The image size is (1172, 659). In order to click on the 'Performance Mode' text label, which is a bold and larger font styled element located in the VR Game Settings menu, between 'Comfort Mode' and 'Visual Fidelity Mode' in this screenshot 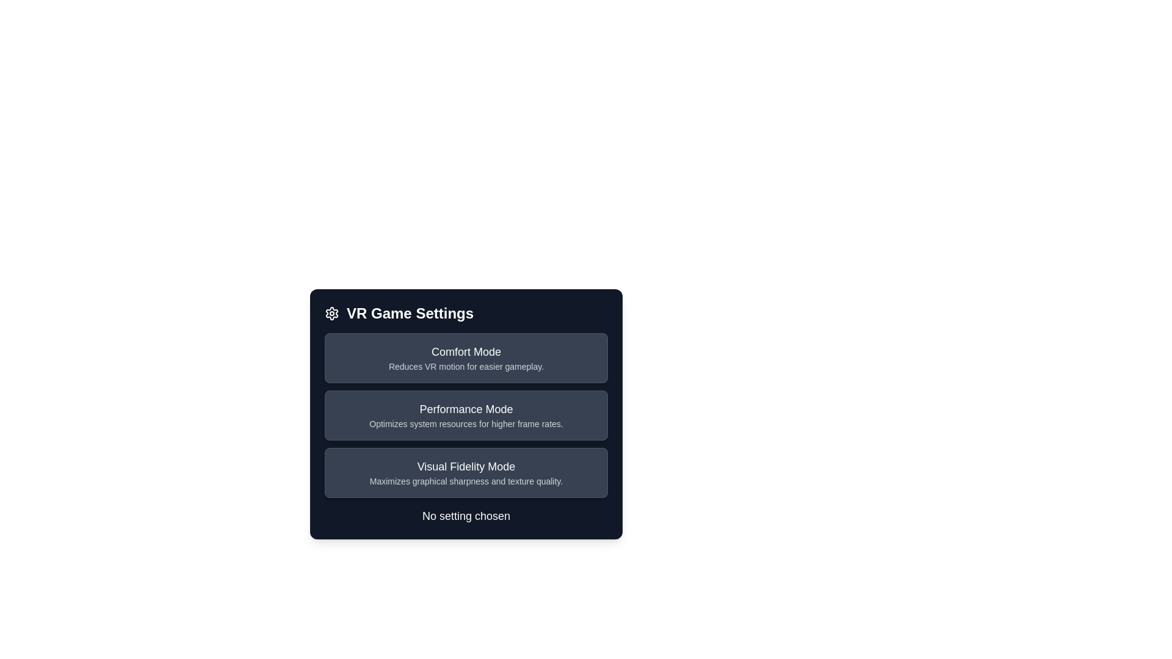, I will do `click(465, 409)`.